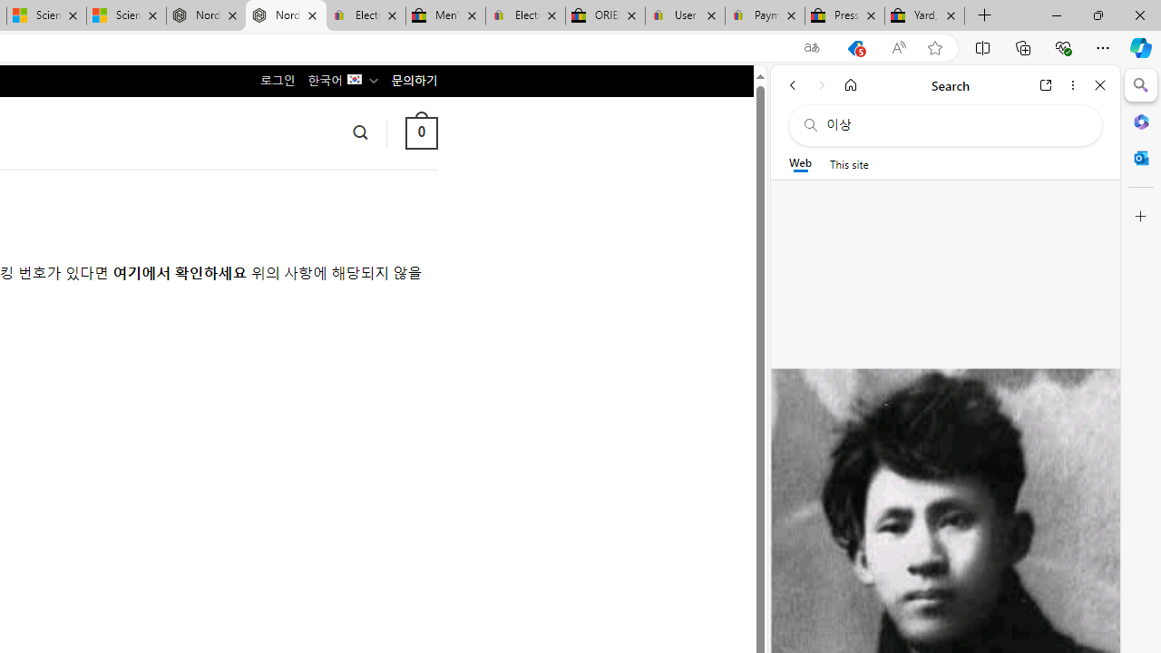 This screenshot has width=1161, height=653. What do you see at coordinates (854, 47) in the screenshot?
I see `'This site has coupons! Shopping in Microsoft Edge, 5'` at bounding box center [854, 47].